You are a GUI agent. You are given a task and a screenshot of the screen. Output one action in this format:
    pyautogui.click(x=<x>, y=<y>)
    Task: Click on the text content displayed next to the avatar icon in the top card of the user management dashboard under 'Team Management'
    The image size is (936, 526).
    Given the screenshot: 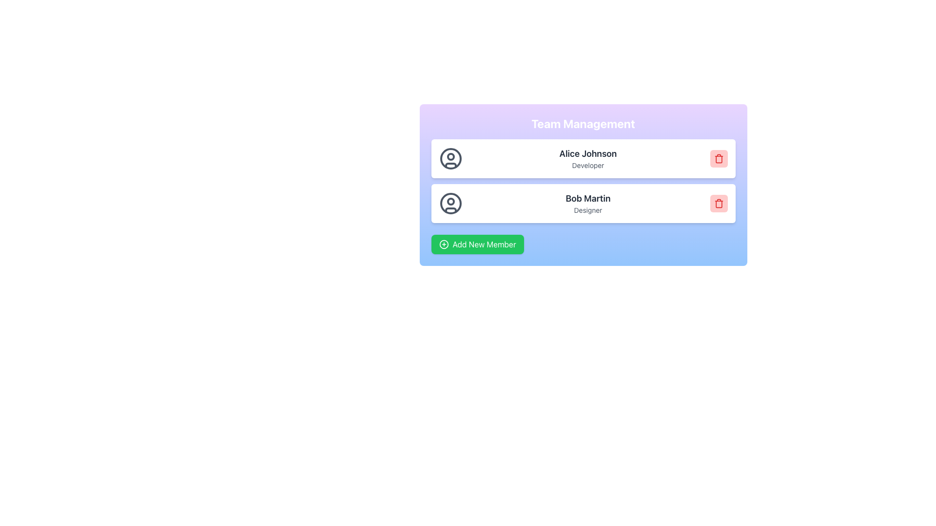 What is the action you would take?
    pyautogui.click(x=587, y=158)
    